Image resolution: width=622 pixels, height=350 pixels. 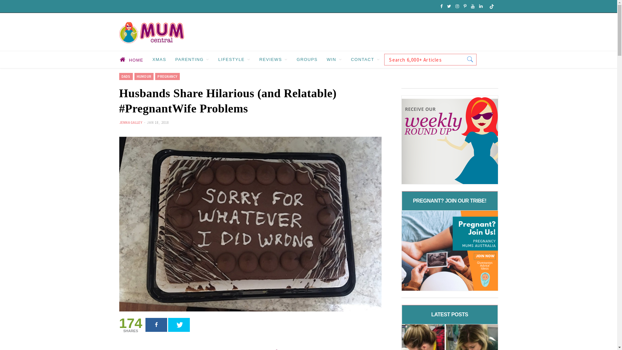 I want to click on 'JENNA GALLEY', so click(x=130, y=122).